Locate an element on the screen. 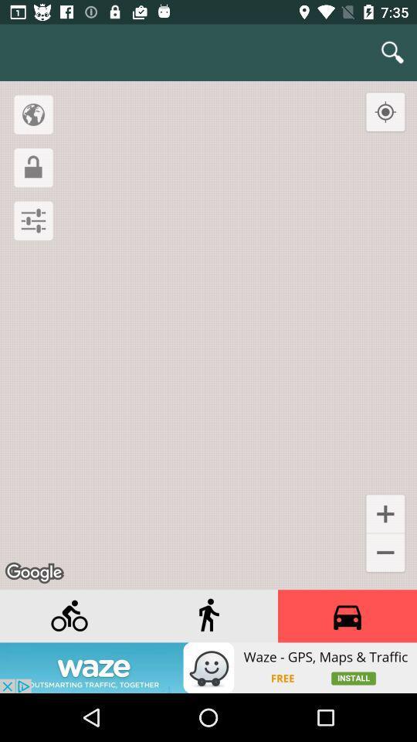 This screenshot has width=417, height=742. switch to walking is located at coordinates (208, 616).